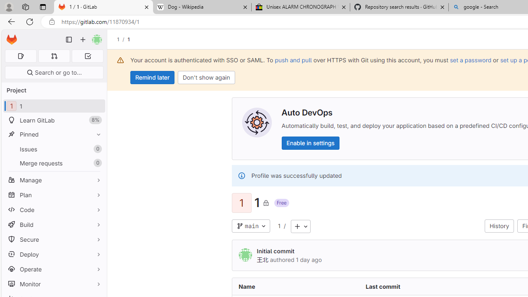  I want to click on 'push and pull', so click(293, 59).